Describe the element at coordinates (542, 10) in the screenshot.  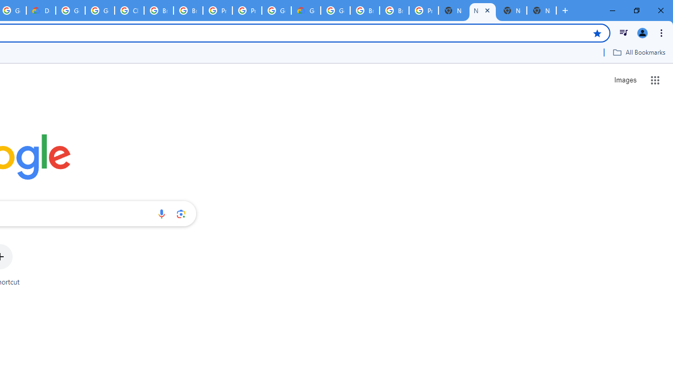
I see `'New Tab'` at that location.